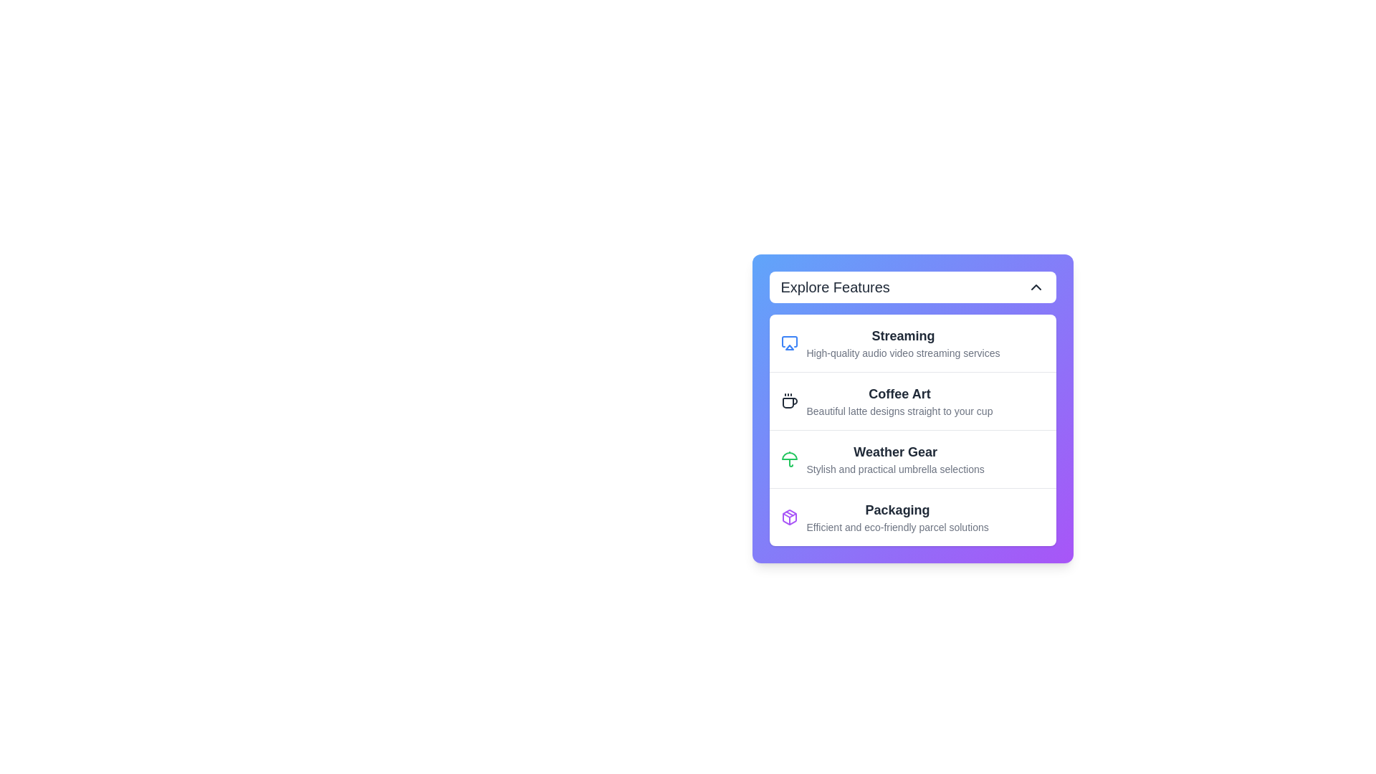 The image size is (1376, 774). What do you see at coordinates (1036, 287) in the screenshot?
I see `the Chevron icon located at the rightmost position in the 'Explore Features' header, which serves as a toggle for expanding or collapsing the section` at bounding box center [1036, 287].